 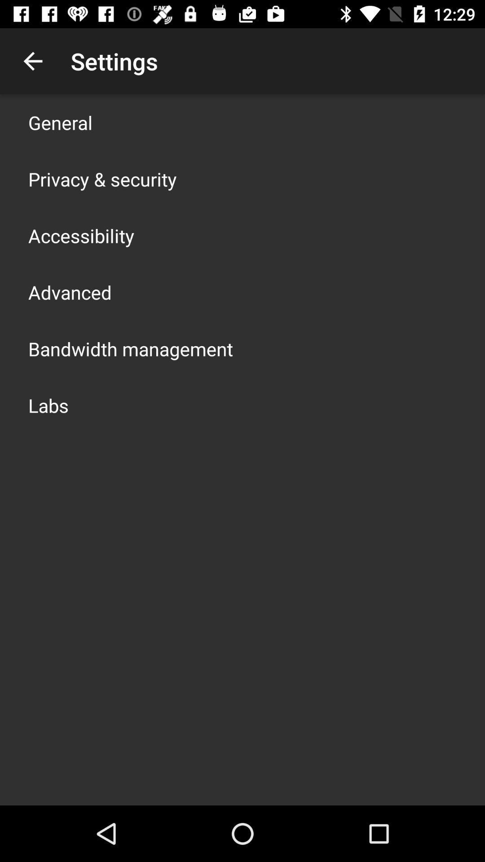 I want to click on item below general item, so click(x=102, y=179).